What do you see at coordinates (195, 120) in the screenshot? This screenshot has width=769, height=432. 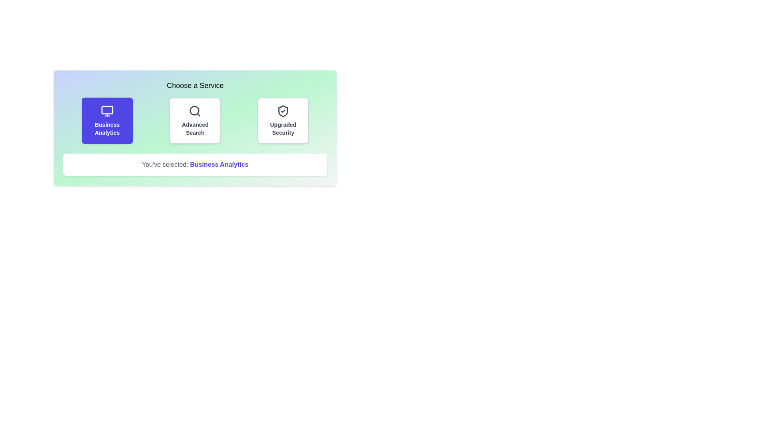 I see `the service option Advanced Search` at bounding box center [195, 120].